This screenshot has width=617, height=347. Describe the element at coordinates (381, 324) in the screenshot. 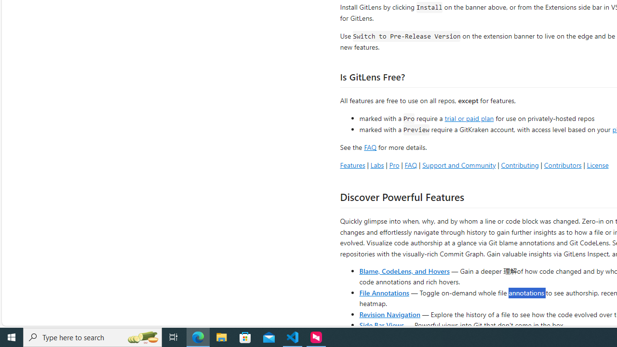

I see `'Side Bar Views'` at that location.